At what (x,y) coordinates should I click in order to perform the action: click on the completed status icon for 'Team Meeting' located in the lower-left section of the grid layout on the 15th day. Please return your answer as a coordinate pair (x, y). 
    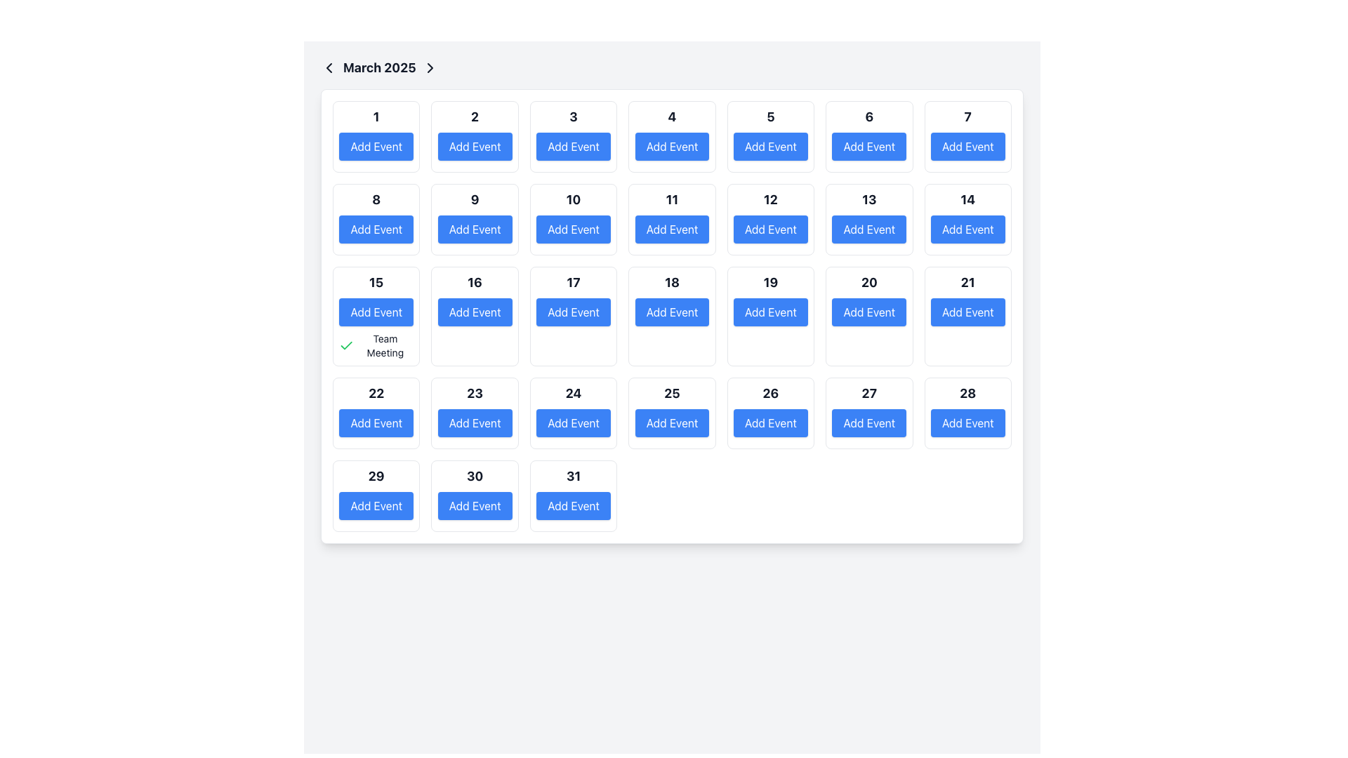
    Looking at the image, I should click on (346, 346).